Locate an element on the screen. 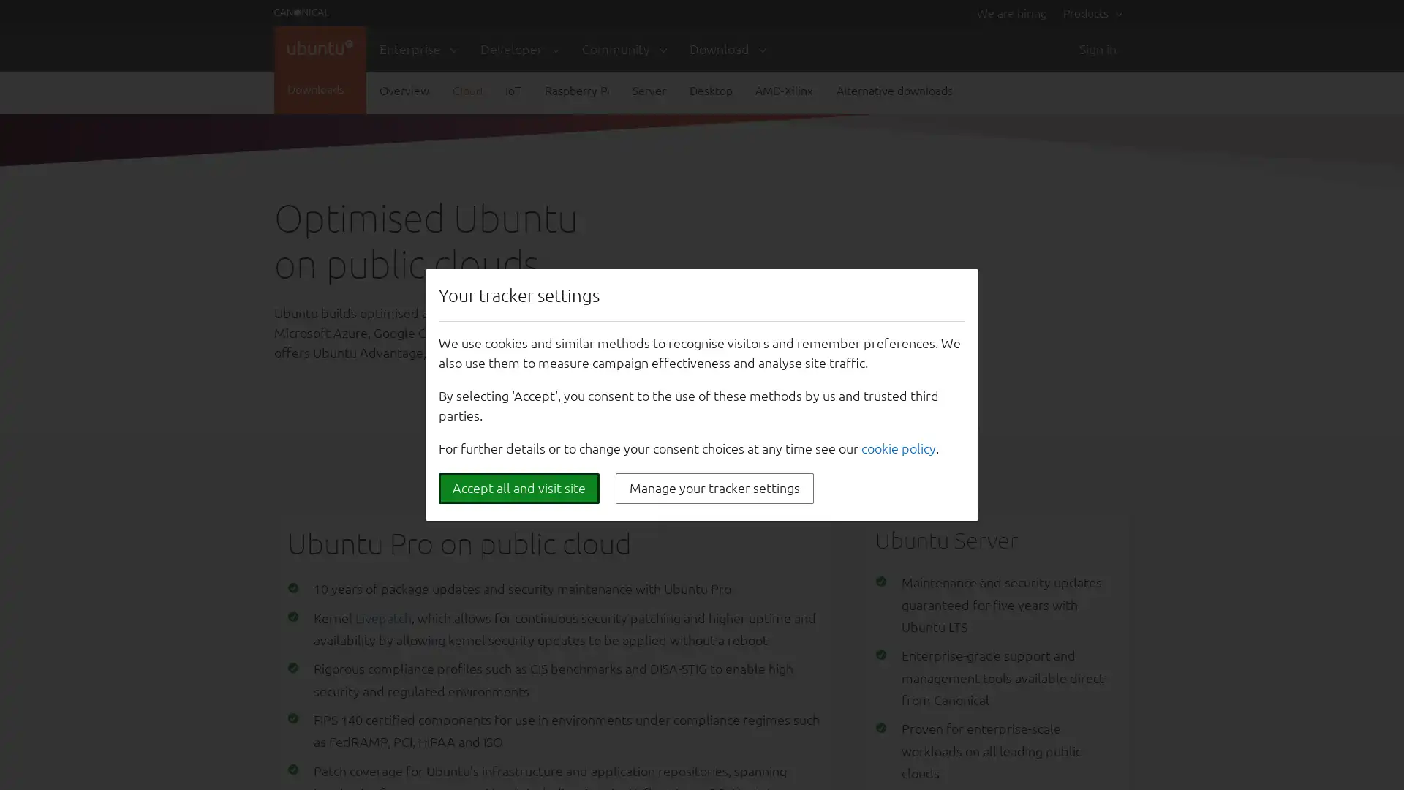 The width and height of the screenshot is (1404, 790). Accept all and visit site is located at coordinates (519, 488).